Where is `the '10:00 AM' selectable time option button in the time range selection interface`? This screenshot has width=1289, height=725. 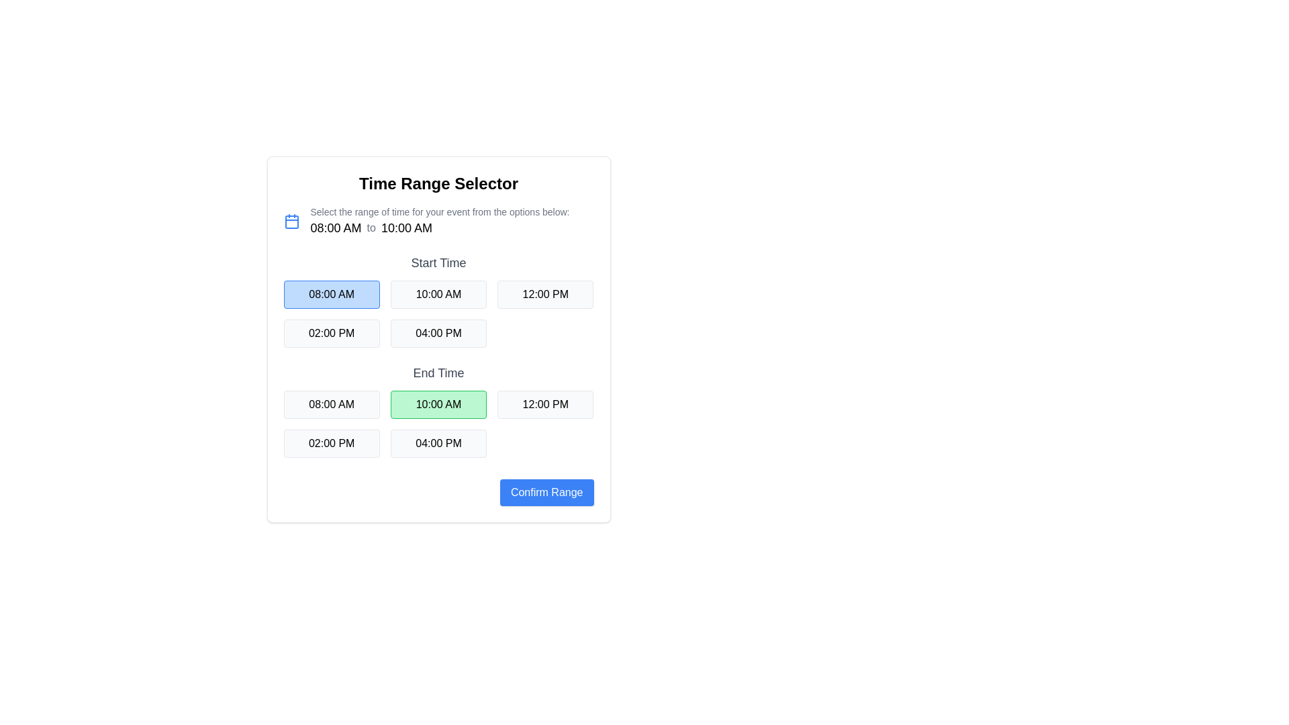 the '10:00 AM' selectable time option button in the time range selection interface is located at coordinates (438, 403).